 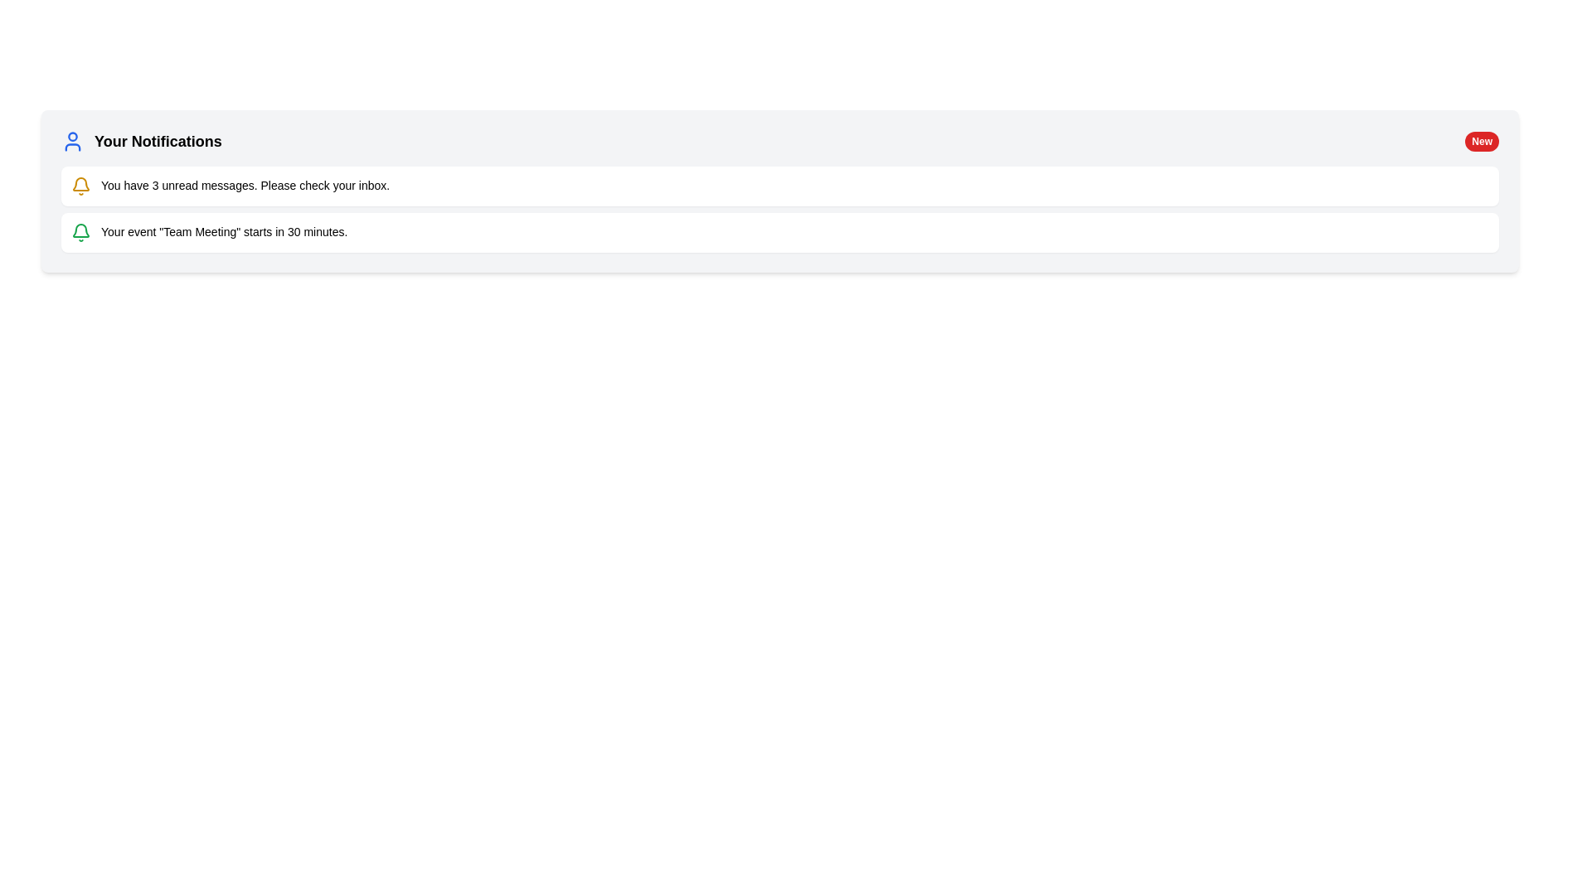 I want to click on the green bell icon that represents event notifications, located at the beginning of the notification row for 'Your event "Team Meeting" starts in 30 minutes.', so click(x=80, y=233).